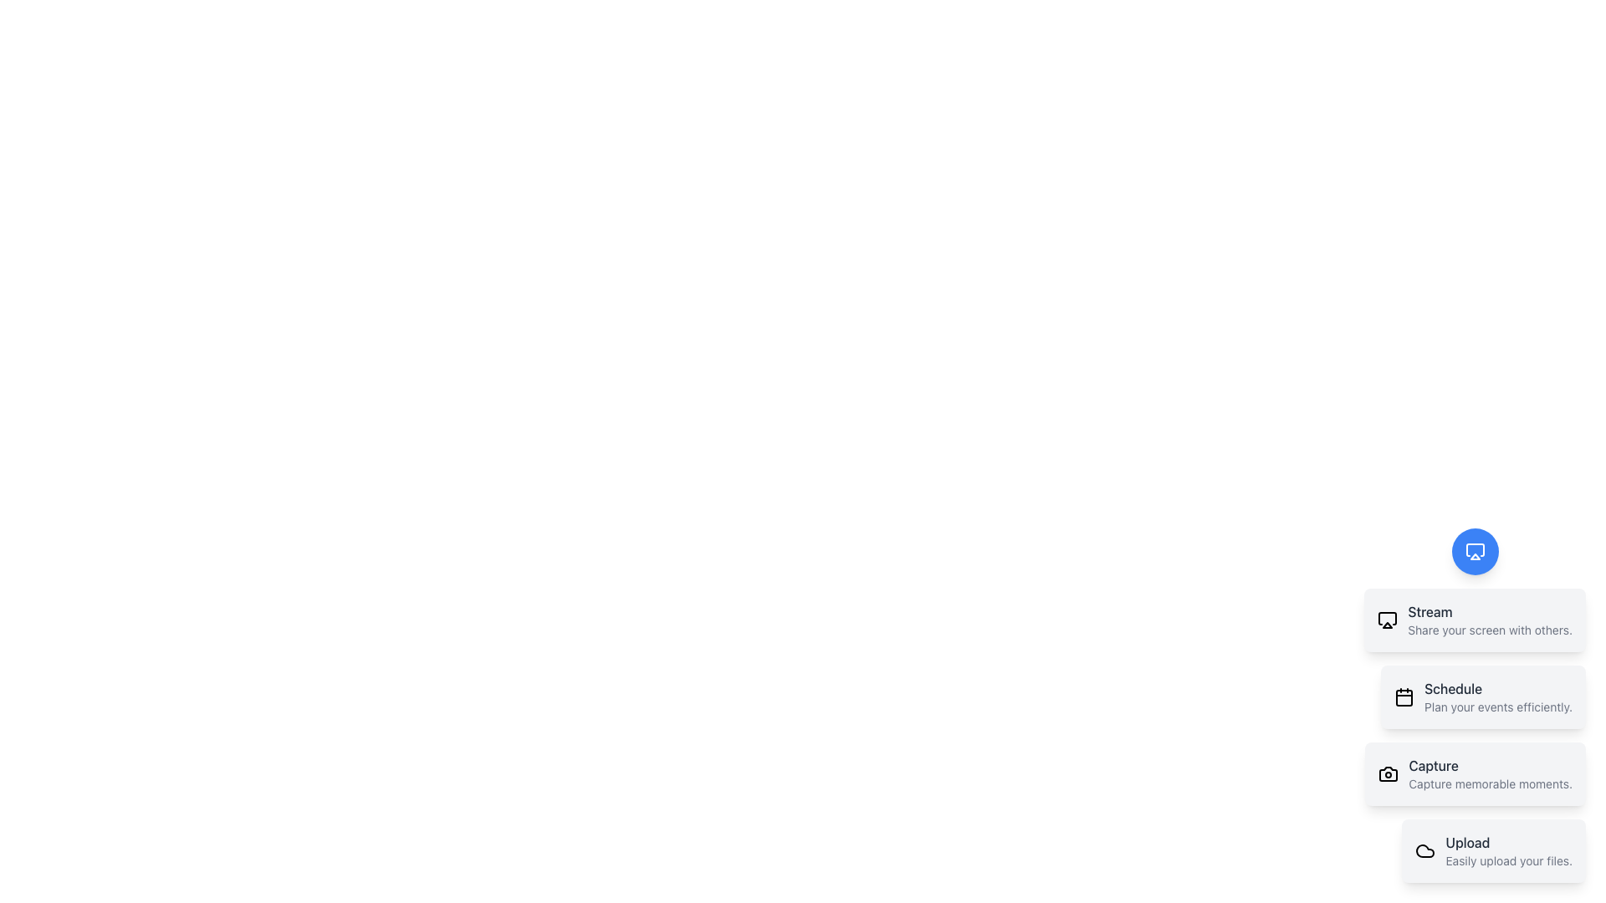  What do you see at coordinates (1475, 551) in the screenshot?
I see `the circular button with a blue background and white text located at the bottom-right corner of the interface` at bounding box center [1475, 551].